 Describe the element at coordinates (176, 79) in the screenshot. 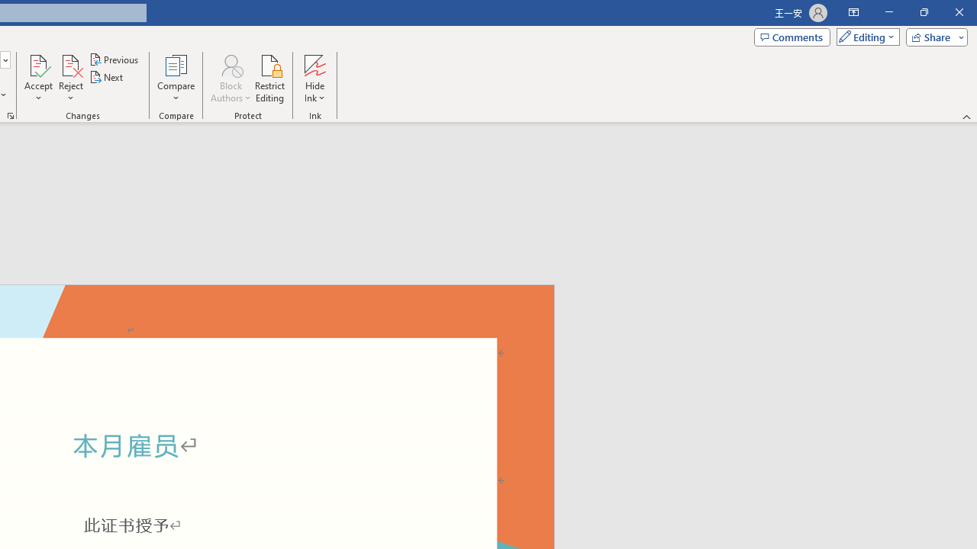

I see `'Compare'` at that location.